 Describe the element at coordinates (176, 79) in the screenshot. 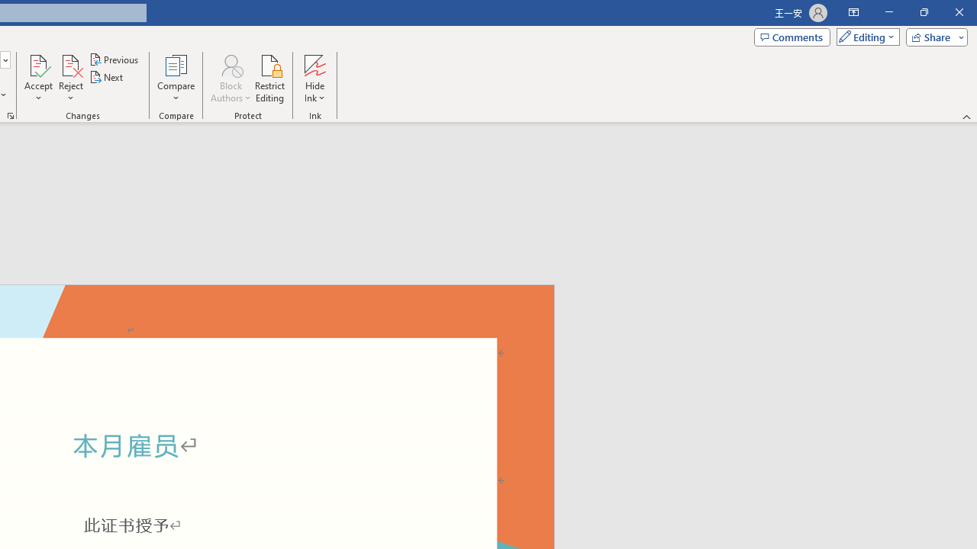

I see `'Compare'` at that location.